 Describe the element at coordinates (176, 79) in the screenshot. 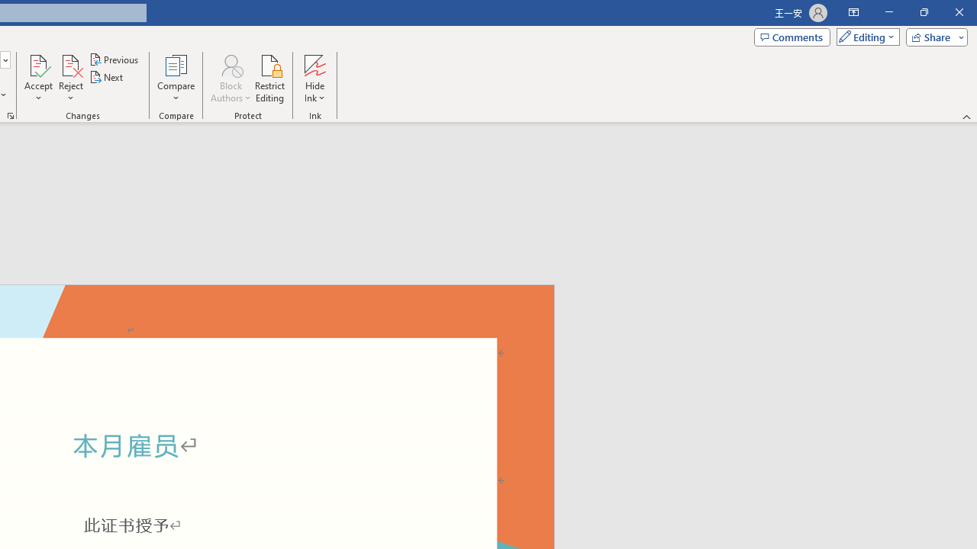

I see `'Compare'` at that location.